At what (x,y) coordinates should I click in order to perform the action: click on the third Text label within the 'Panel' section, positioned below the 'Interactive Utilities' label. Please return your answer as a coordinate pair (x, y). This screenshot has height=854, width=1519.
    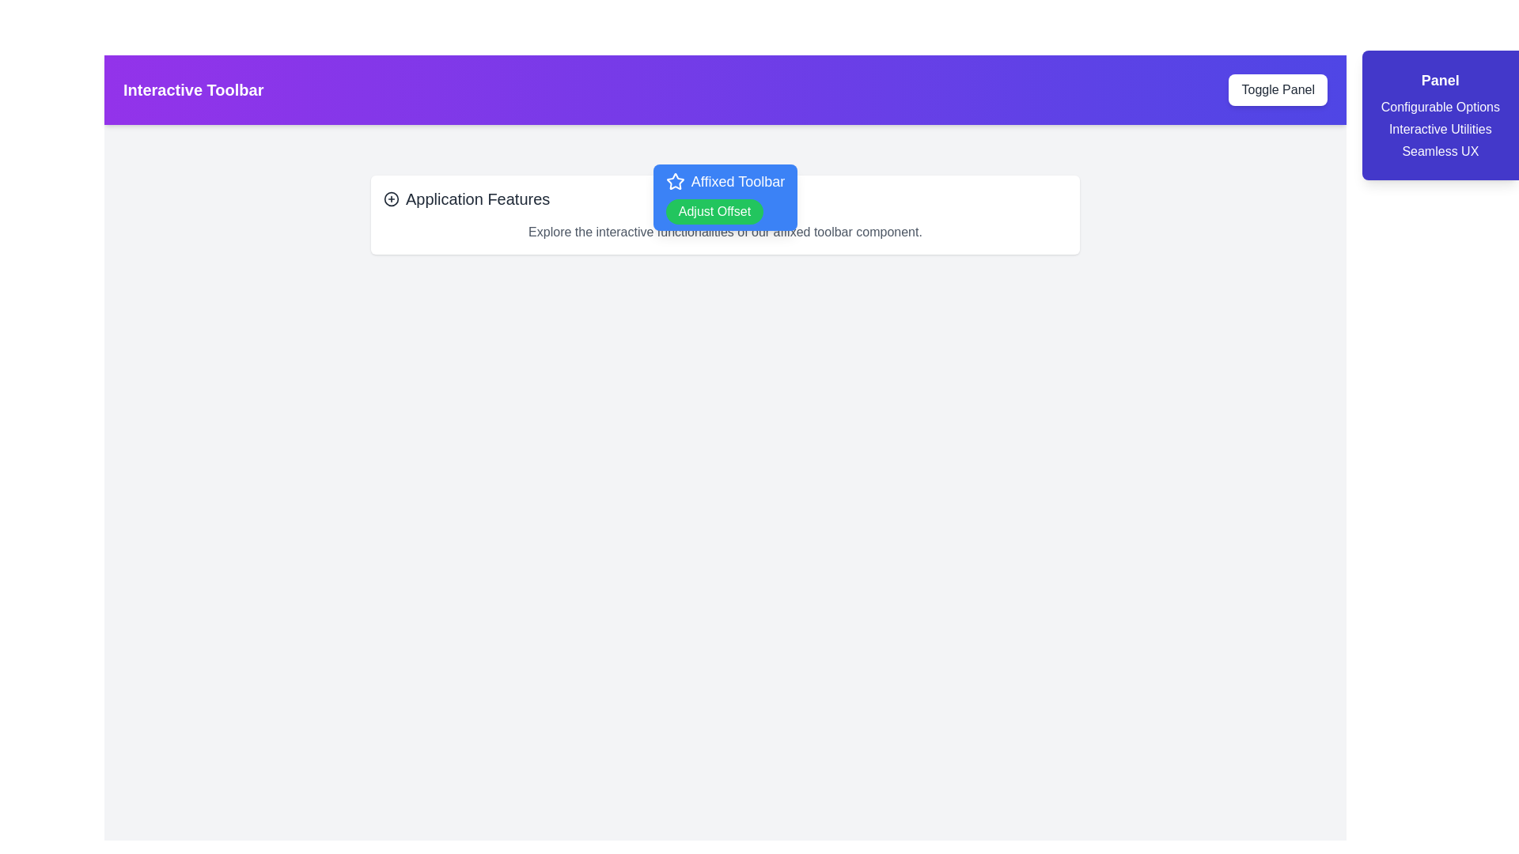
    Looking at the image, I should click on (1440, 152).